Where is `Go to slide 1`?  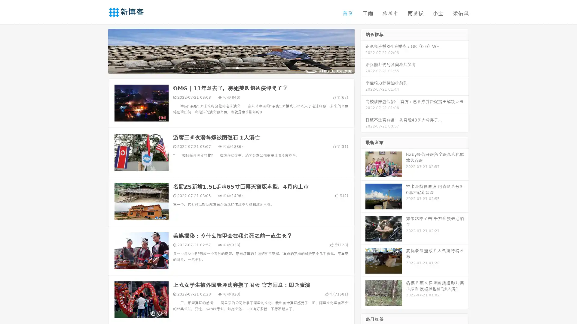
Go to slide 1 is located at coordinates (225, 67).